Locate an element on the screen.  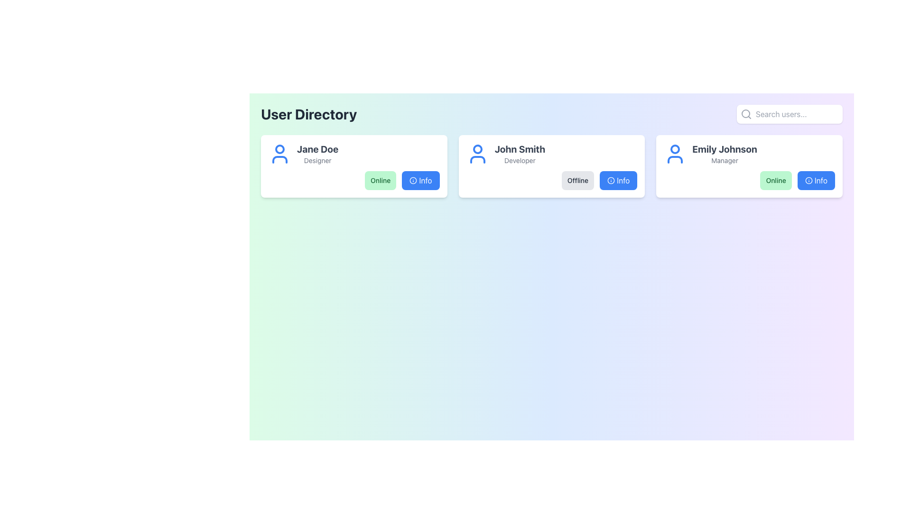
the information icon located within the blue 'Info' button on Emily Johnson's user card is located at coordinates (808, 181).